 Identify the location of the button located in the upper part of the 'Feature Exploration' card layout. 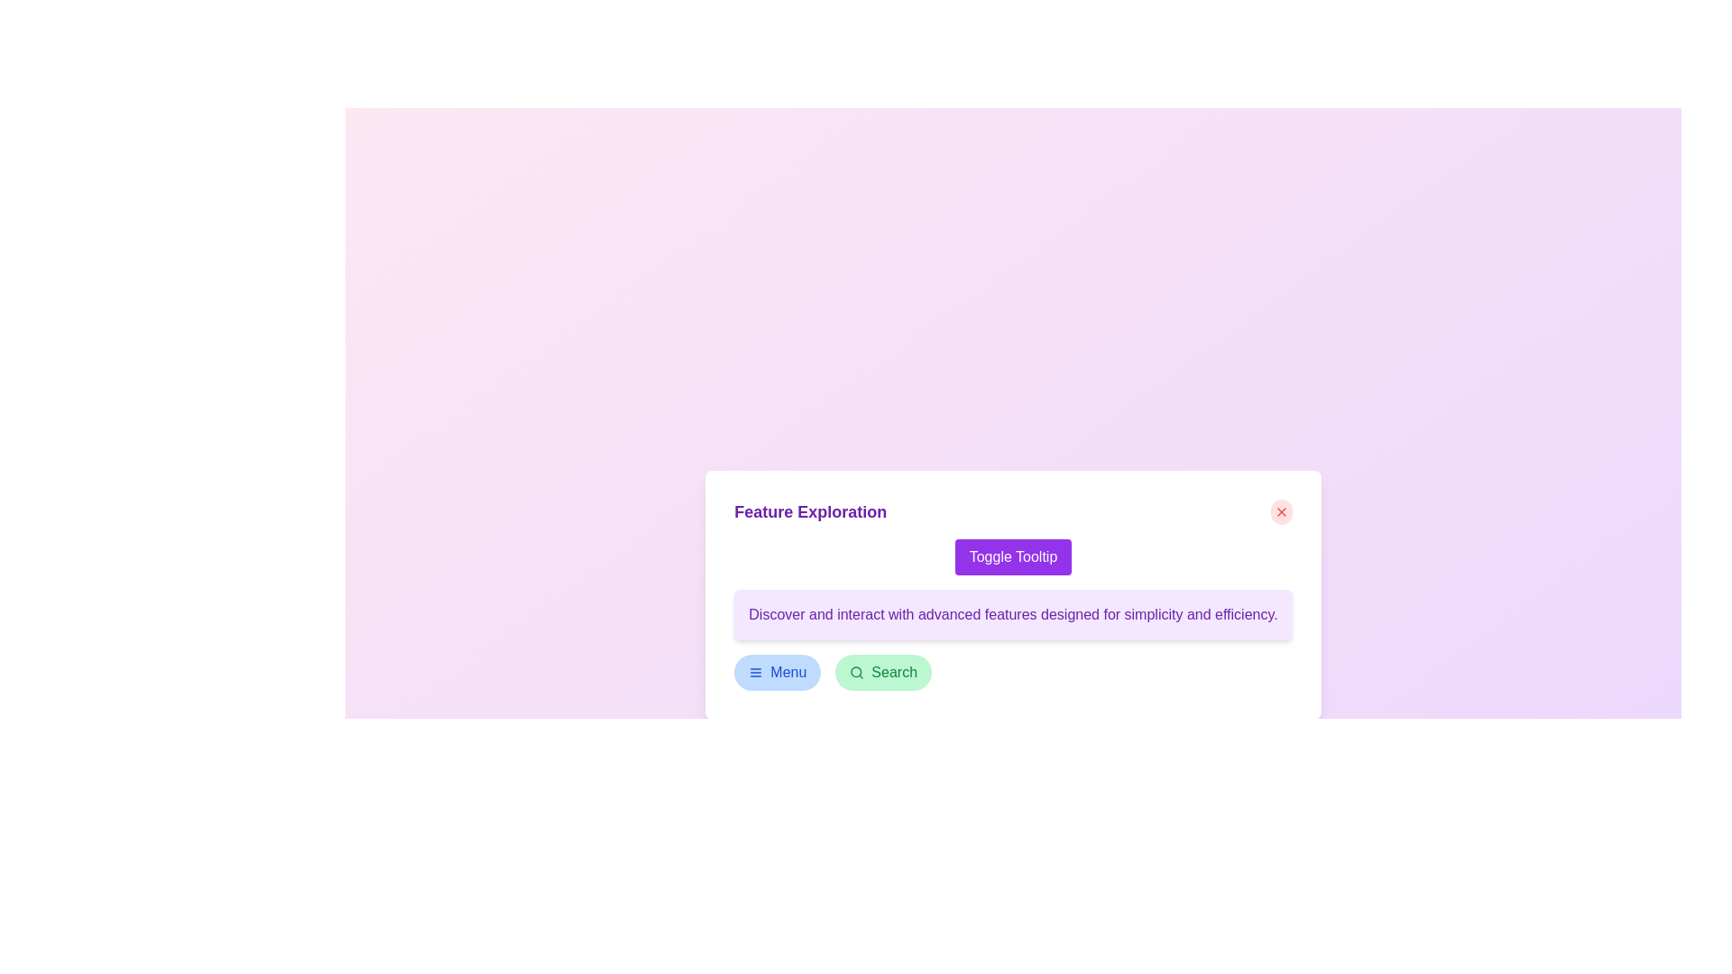
(1013, 556).